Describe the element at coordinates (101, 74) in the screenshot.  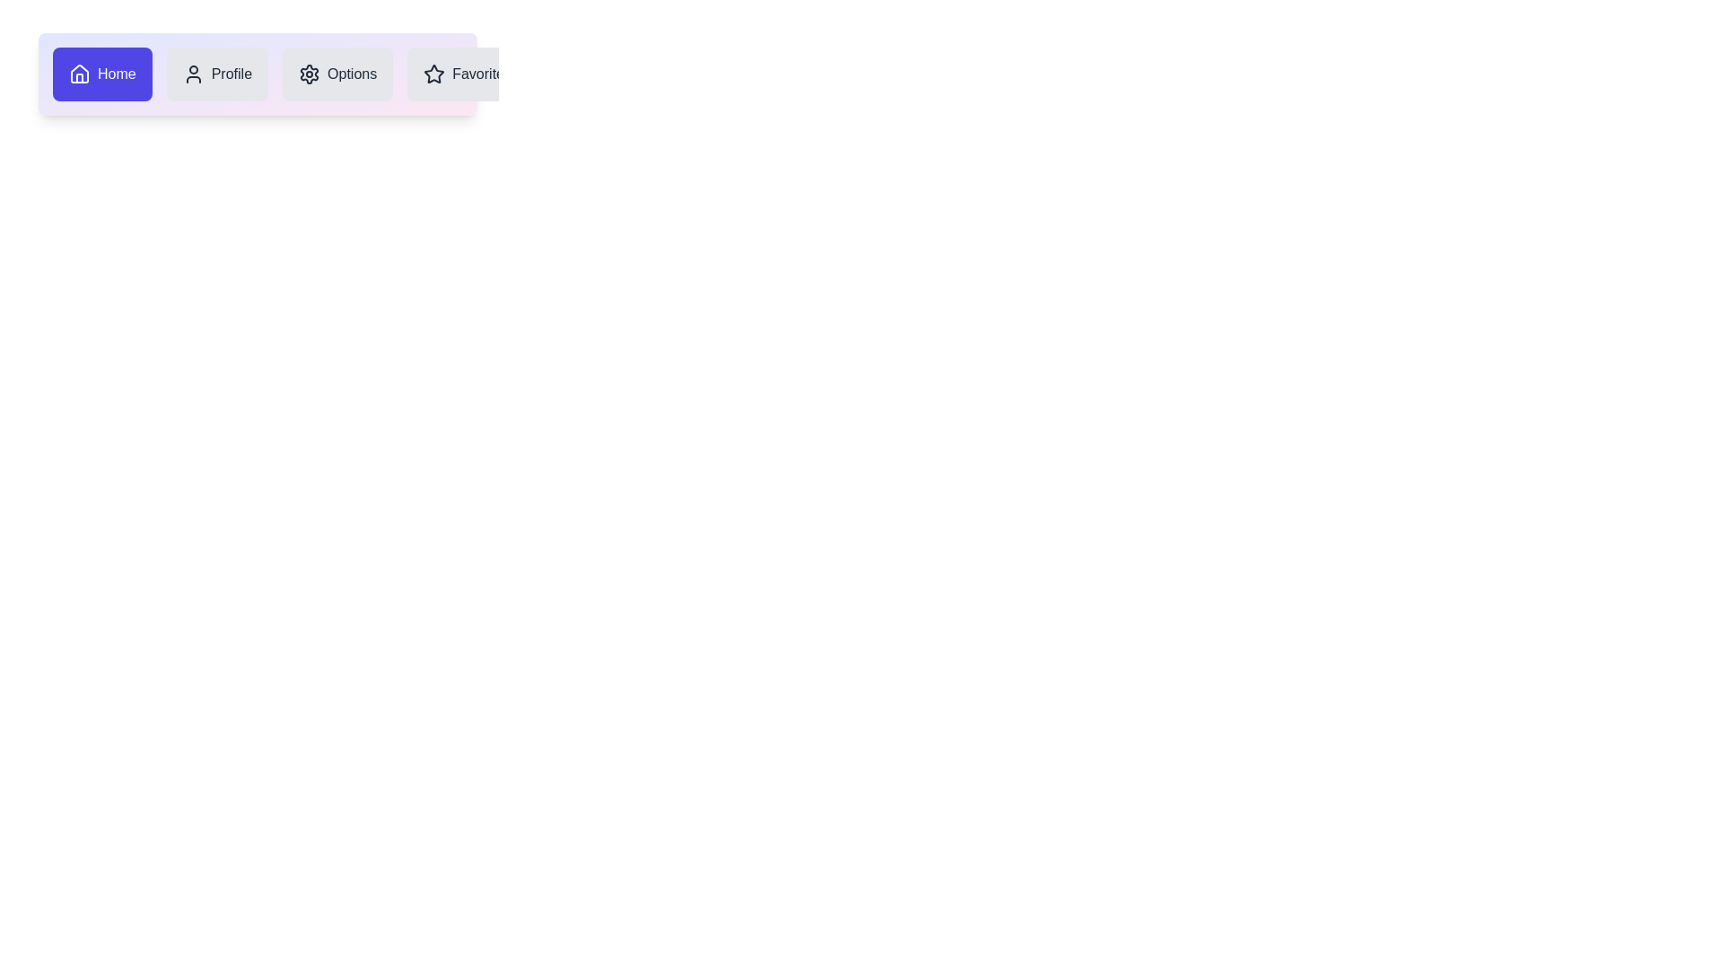
I see `the navigation item Home from the navigation bar` at that location.